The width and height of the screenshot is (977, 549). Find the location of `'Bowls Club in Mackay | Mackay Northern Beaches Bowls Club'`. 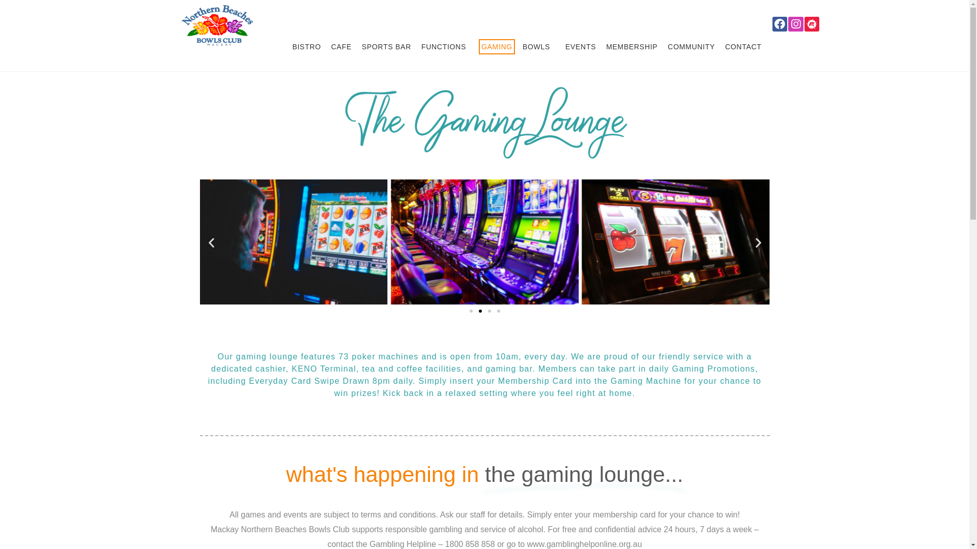

'Bowls Club in Mackay | Mackay Northern Beaches Bowls Club' is located at coordinates (216, 24).